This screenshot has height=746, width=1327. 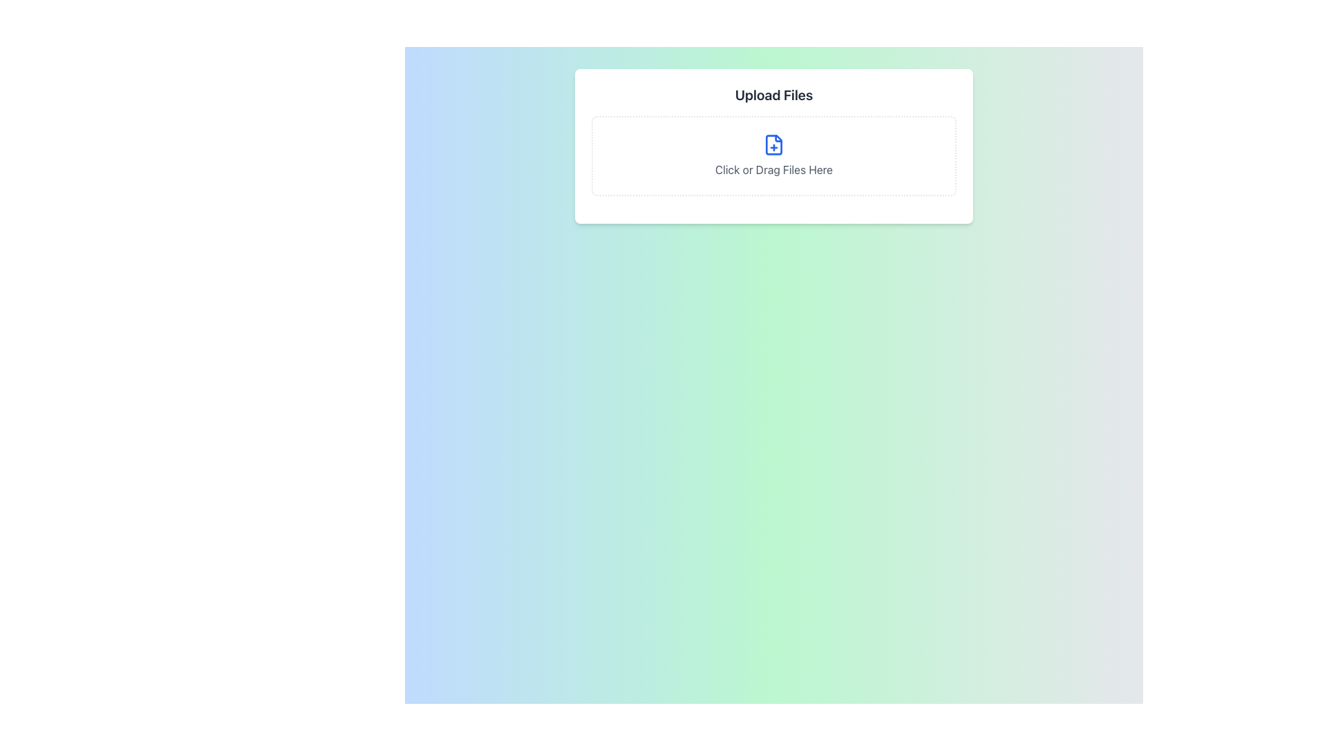 What do you see at coordinates (773, 155) in the screenshot?
I see `the File upload area, which features a dotted border and a document icon with a plus symbol` at bounding box center [773, 155].